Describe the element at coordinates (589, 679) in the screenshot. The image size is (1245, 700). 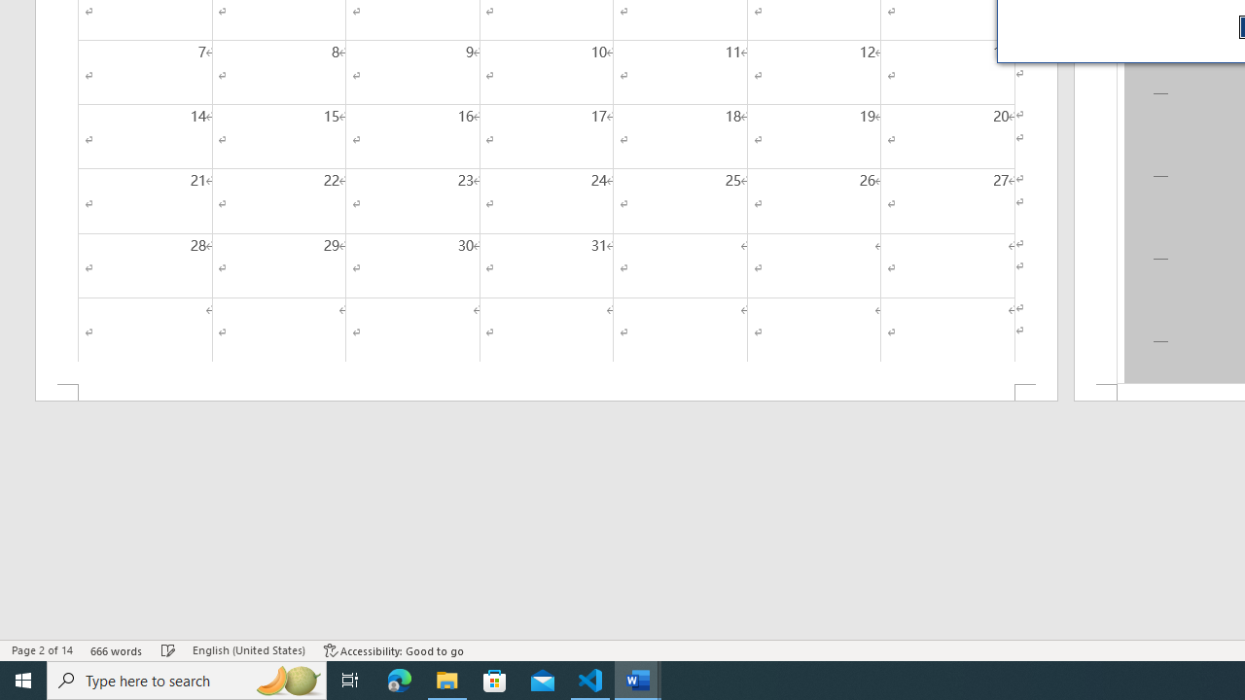
I see `'Visual Studio Code - 1 running window'` at that location.